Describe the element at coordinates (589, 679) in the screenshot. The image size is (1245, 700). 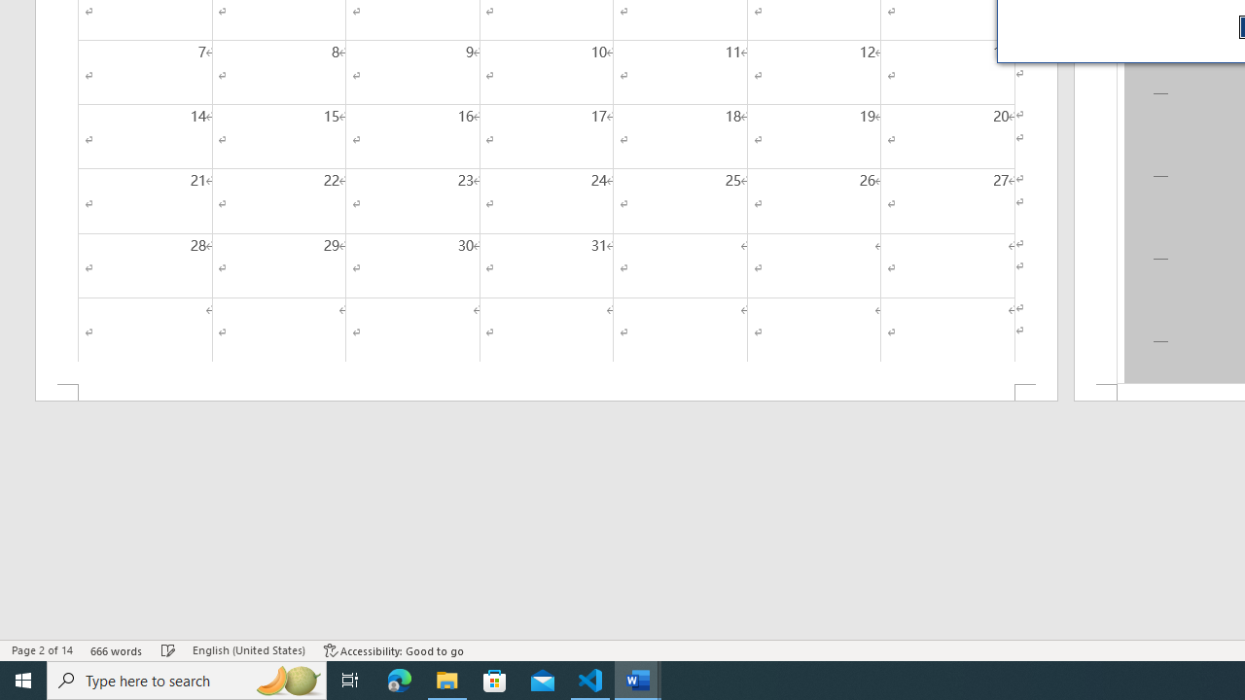
I see `'Visual Studio Code - 1 running window'` at that location.